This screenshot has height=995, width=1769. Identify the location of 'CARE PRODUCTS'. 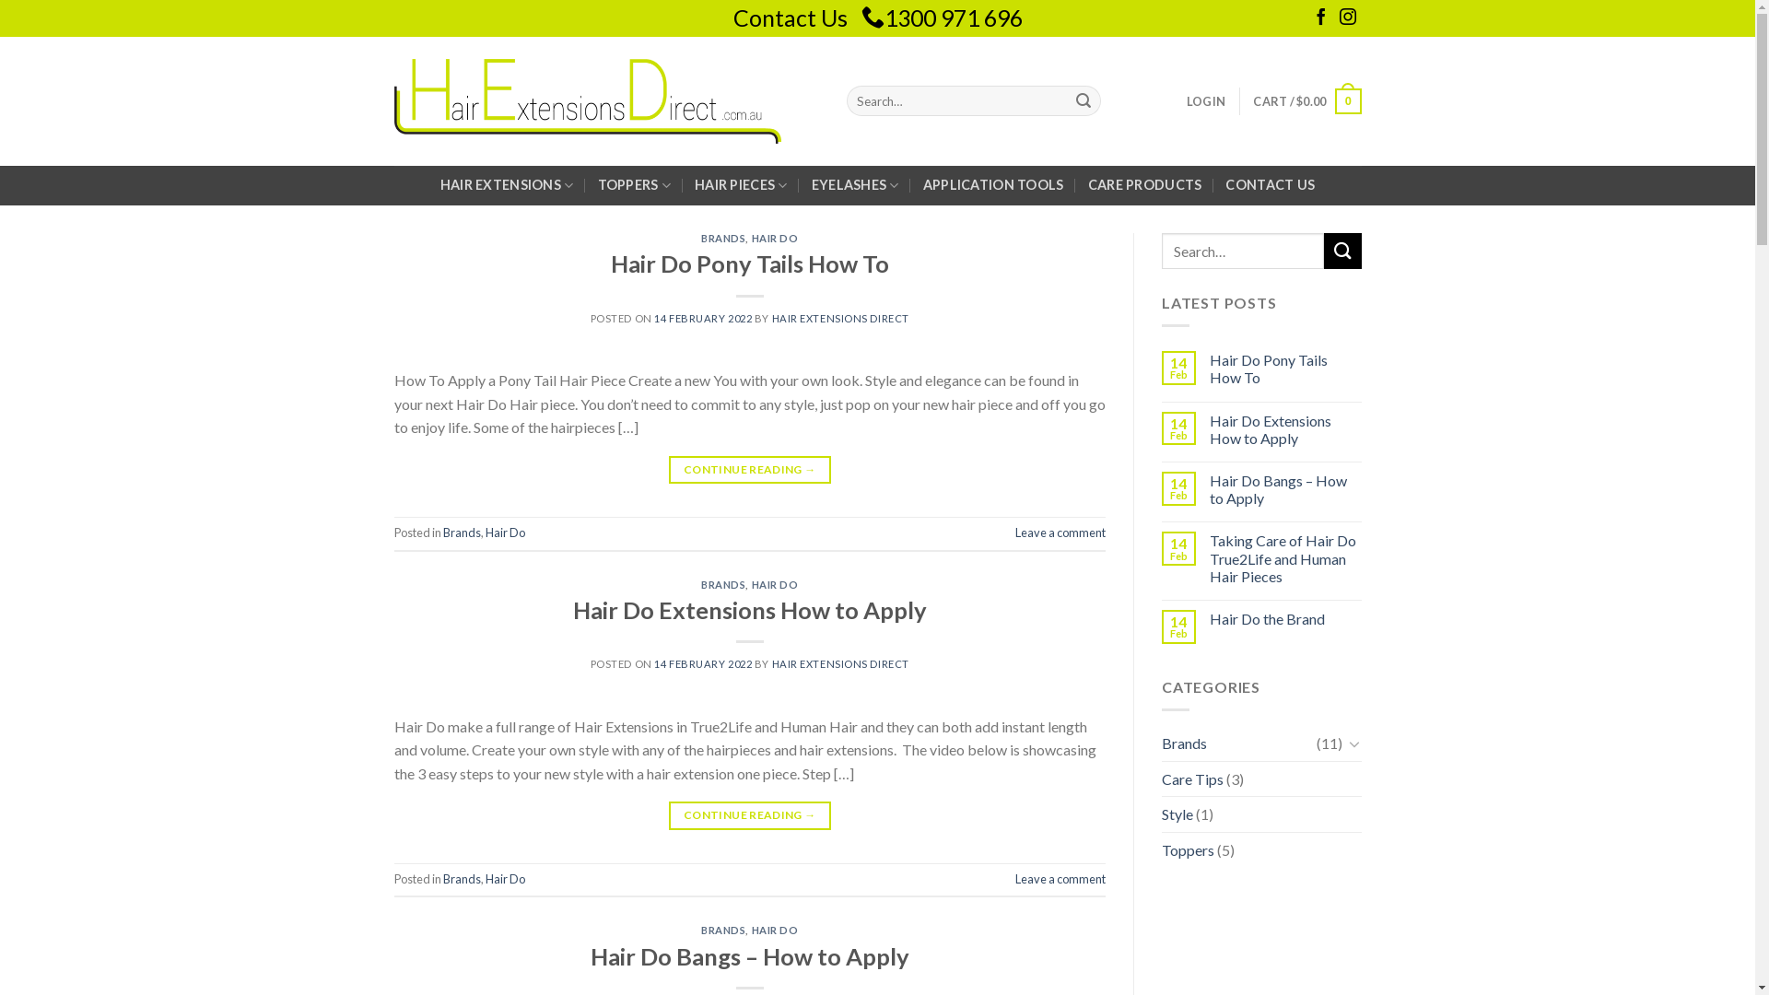
(1144, 184).